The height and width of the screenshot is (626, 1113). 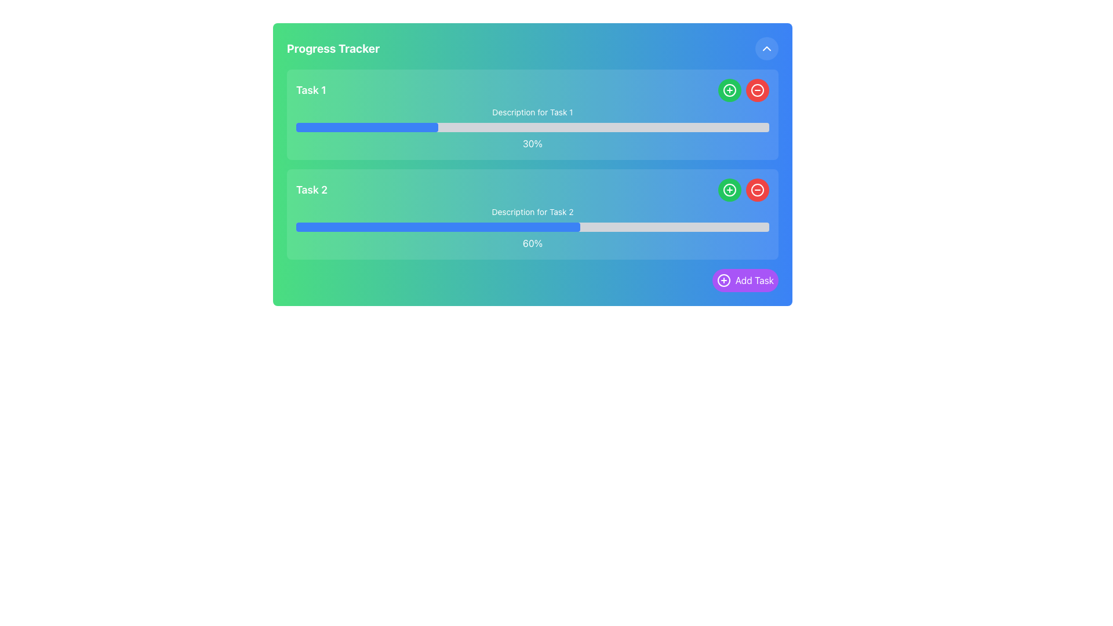 I want to click on the Progress Bar indicating 30% completion for 'Task 1' under the 'Progress Tracker' section, so click(x=366, y=127).